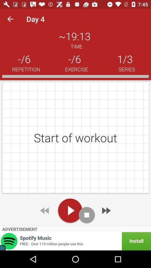 The width and height of the screenshot is (151, 268). Describe the element at coordinates (75, 241) in the screenshot. I see `app install` at that location.